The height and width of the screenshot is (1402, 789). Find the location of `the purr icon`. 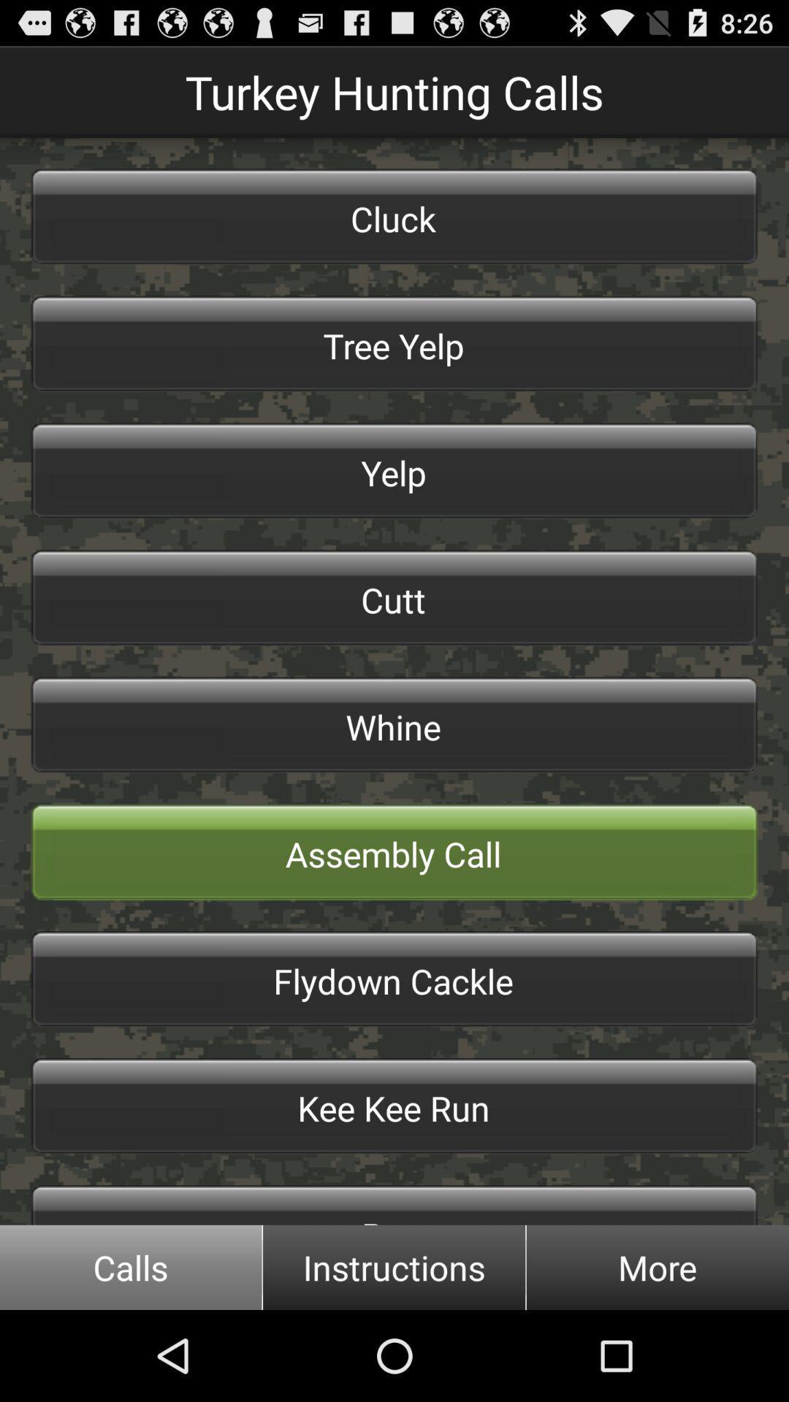

the purr icon is located at coordinates (394, 1205).